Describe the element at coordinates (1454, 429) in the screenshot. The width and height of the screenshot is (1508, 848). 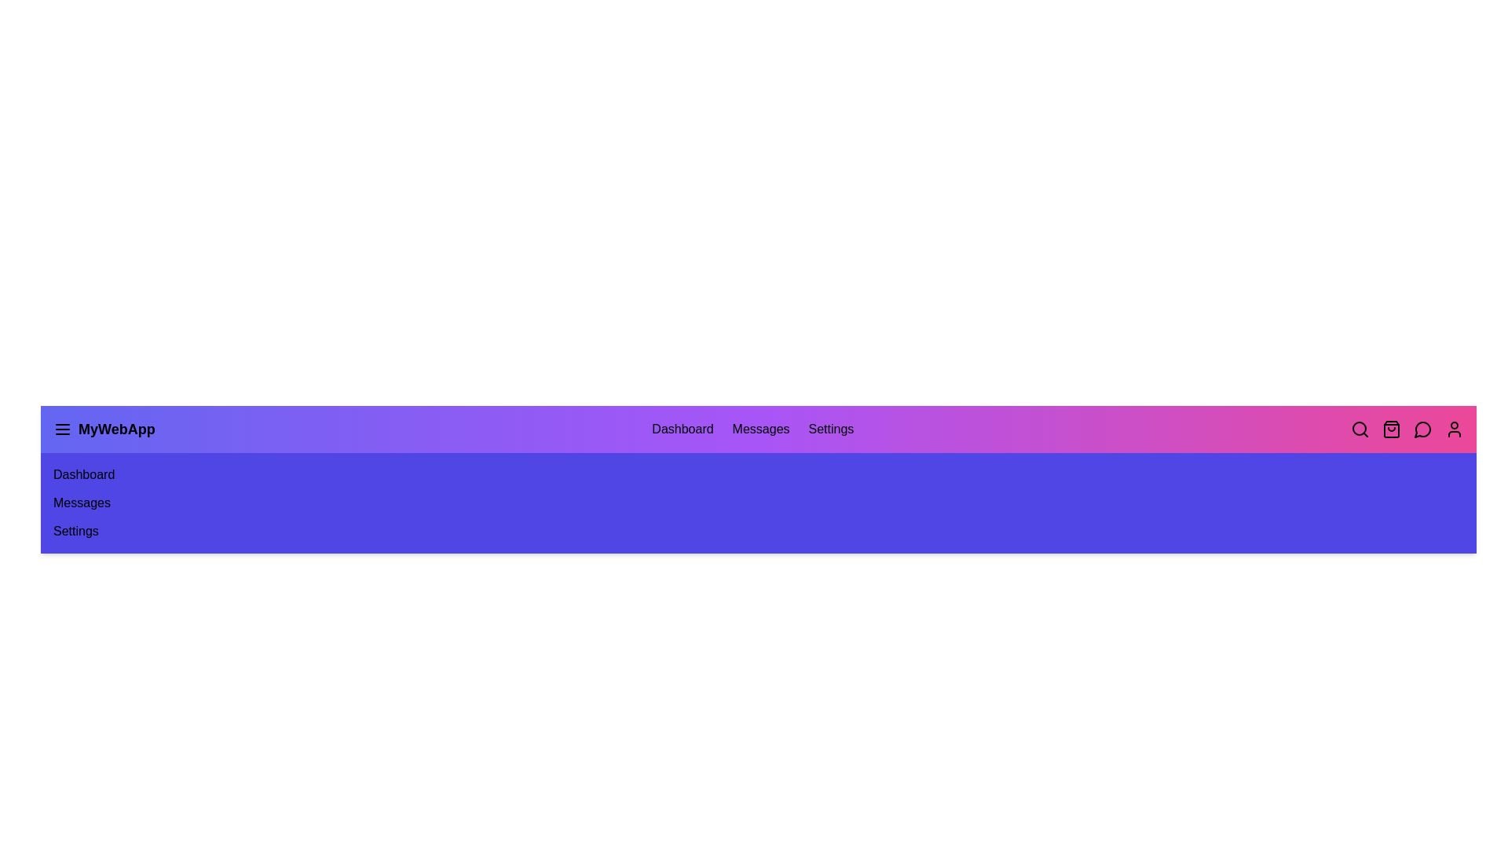
I see `the user icon in the EnhancedAppBar` at that location.